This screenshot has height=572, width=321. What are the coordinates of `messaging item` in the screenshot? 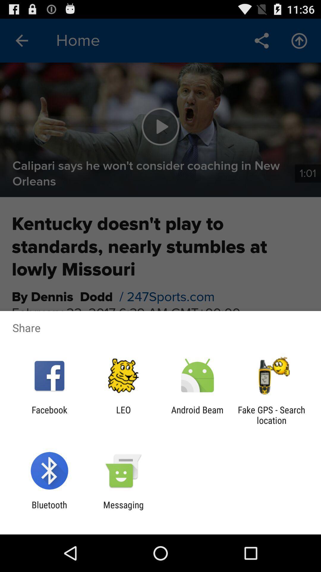 It's located at (123, 510).